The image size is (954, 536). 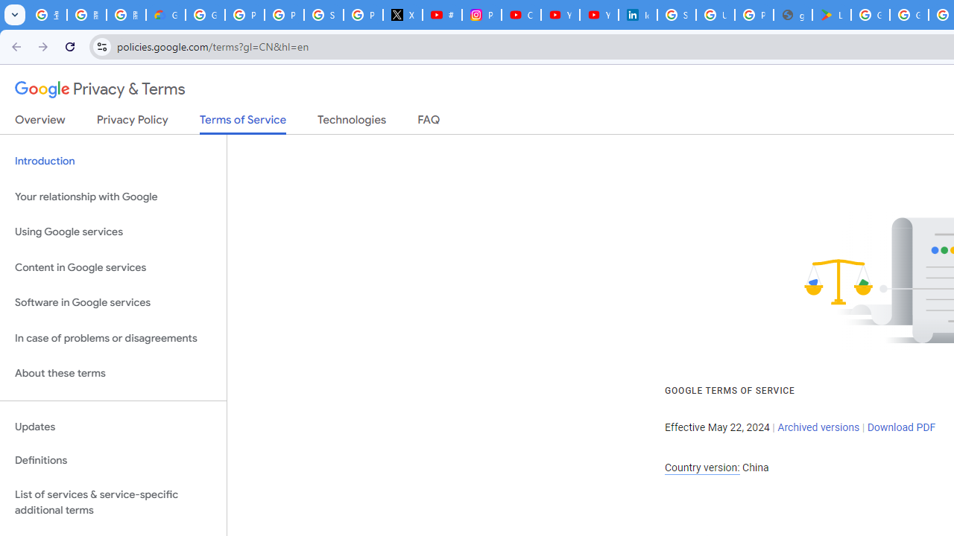 What do you see at coordinates (113, 267) in the screenshot?
I see `'Content in Google services'` at bounding box center [113, 267].